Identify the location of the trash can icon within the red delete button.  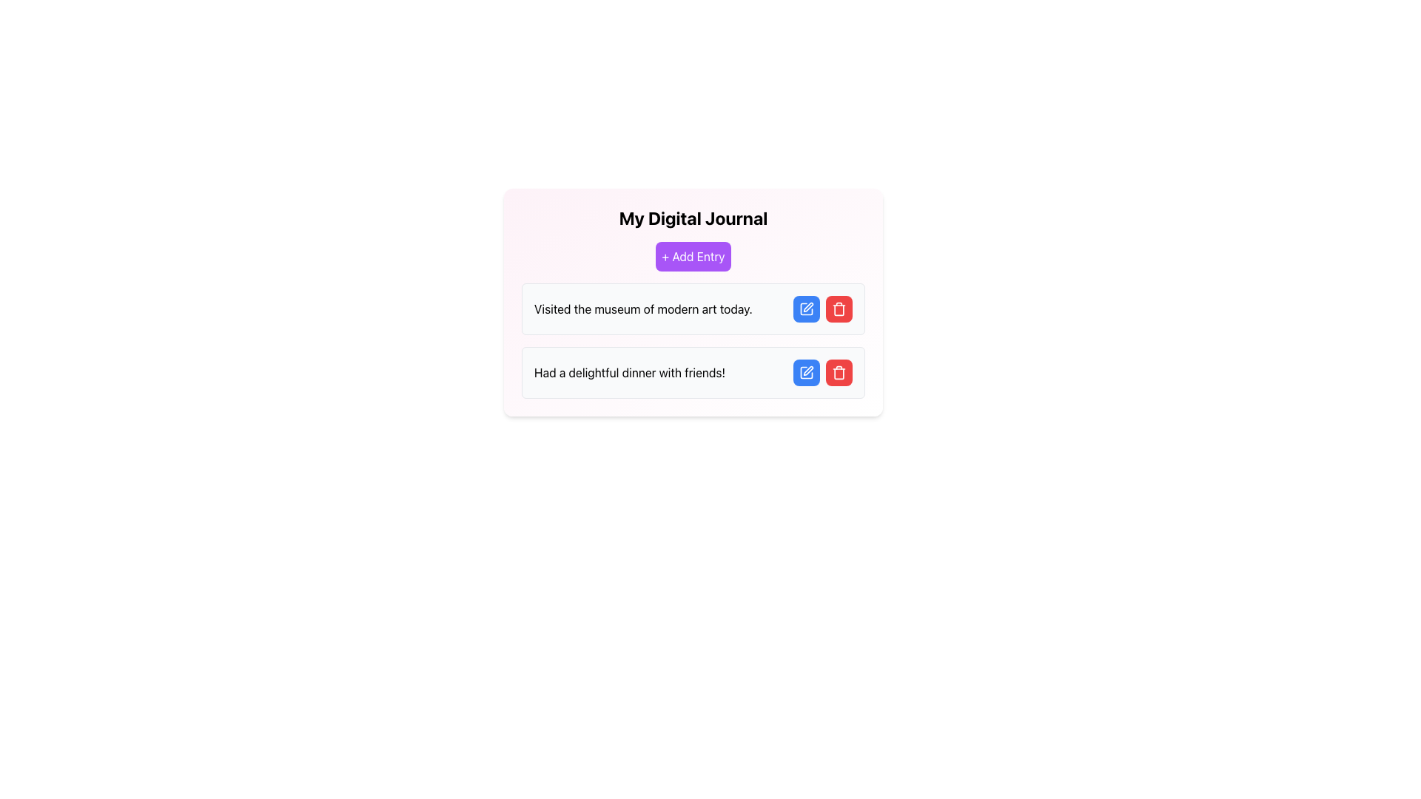
(839, 372).